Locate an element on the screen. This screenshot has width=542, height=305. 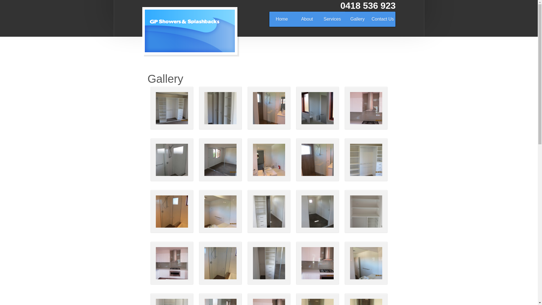
'Services' is located at coordinates (332, 19).